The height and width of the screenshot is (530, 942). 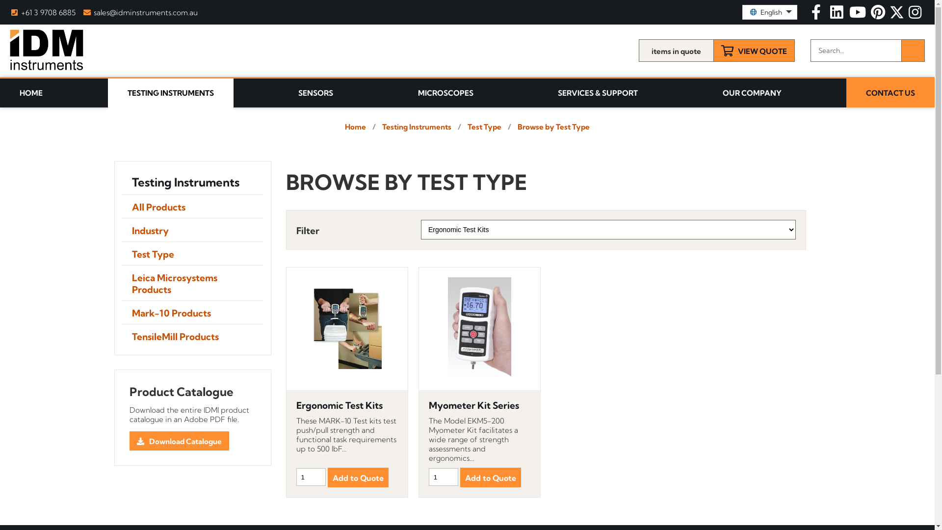 I want to click on 'TensileMill Products', so click(x=192, y=335).